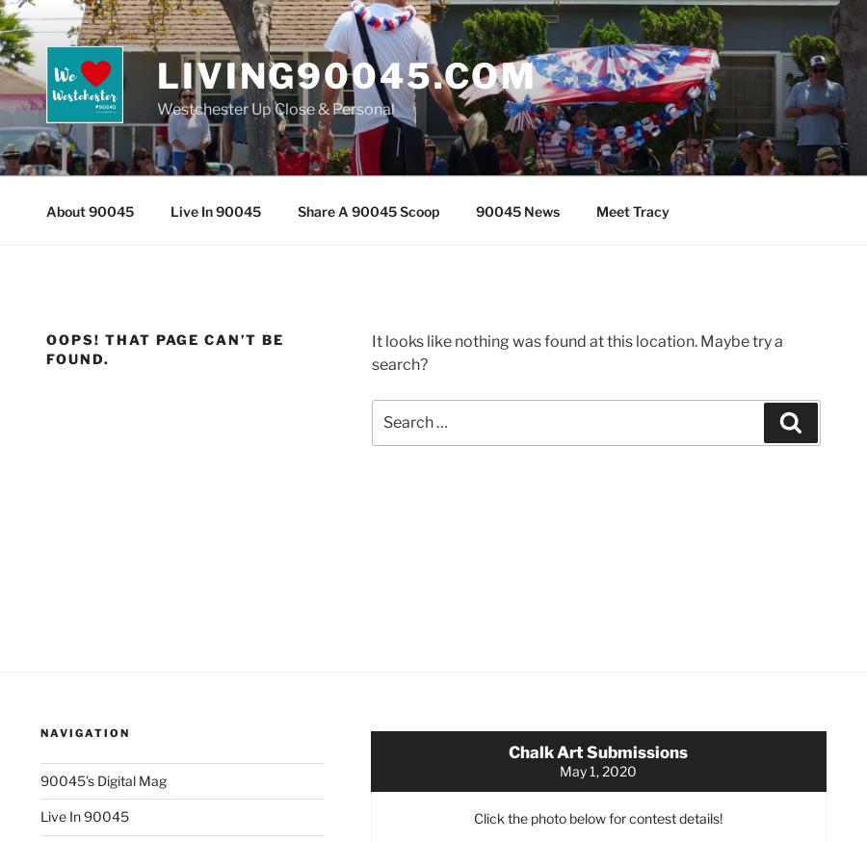 The height and width of the screenshot is (842, 867). I want to click on 'Click the photo below for contest details!', so click(598, 817).